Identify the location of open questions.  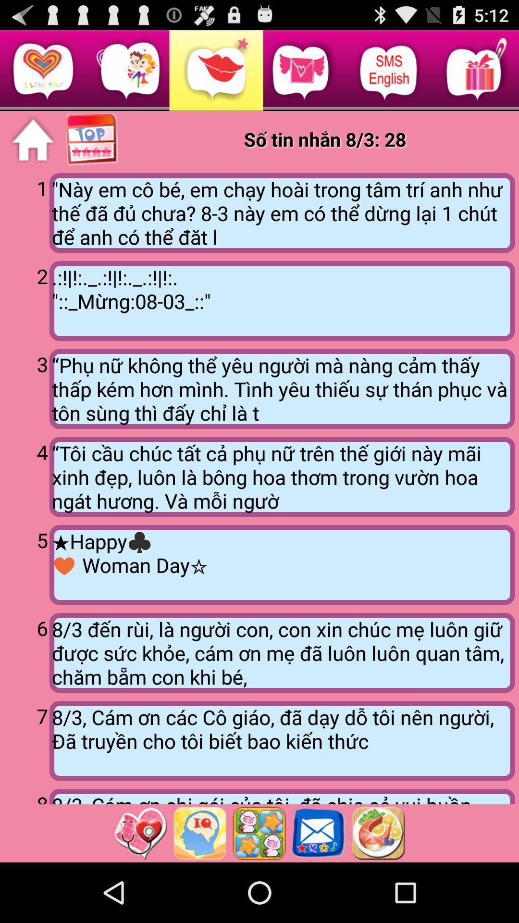
(199, 833).